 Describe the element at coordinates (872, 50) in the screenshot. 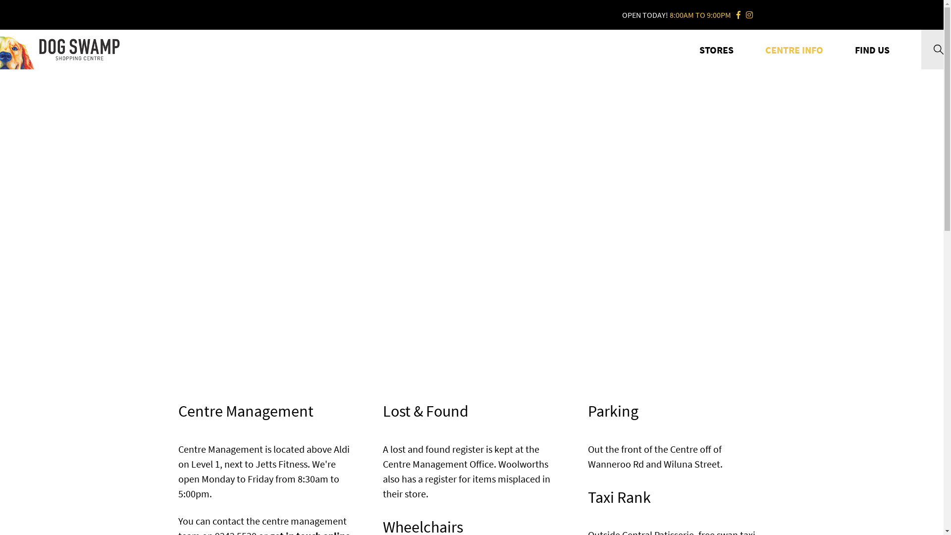

I see `'FIND US'` at that location.